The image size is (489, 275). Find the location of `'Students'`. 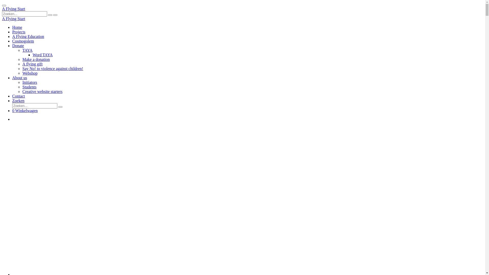

'Students' is located at coordinates (22, 87).